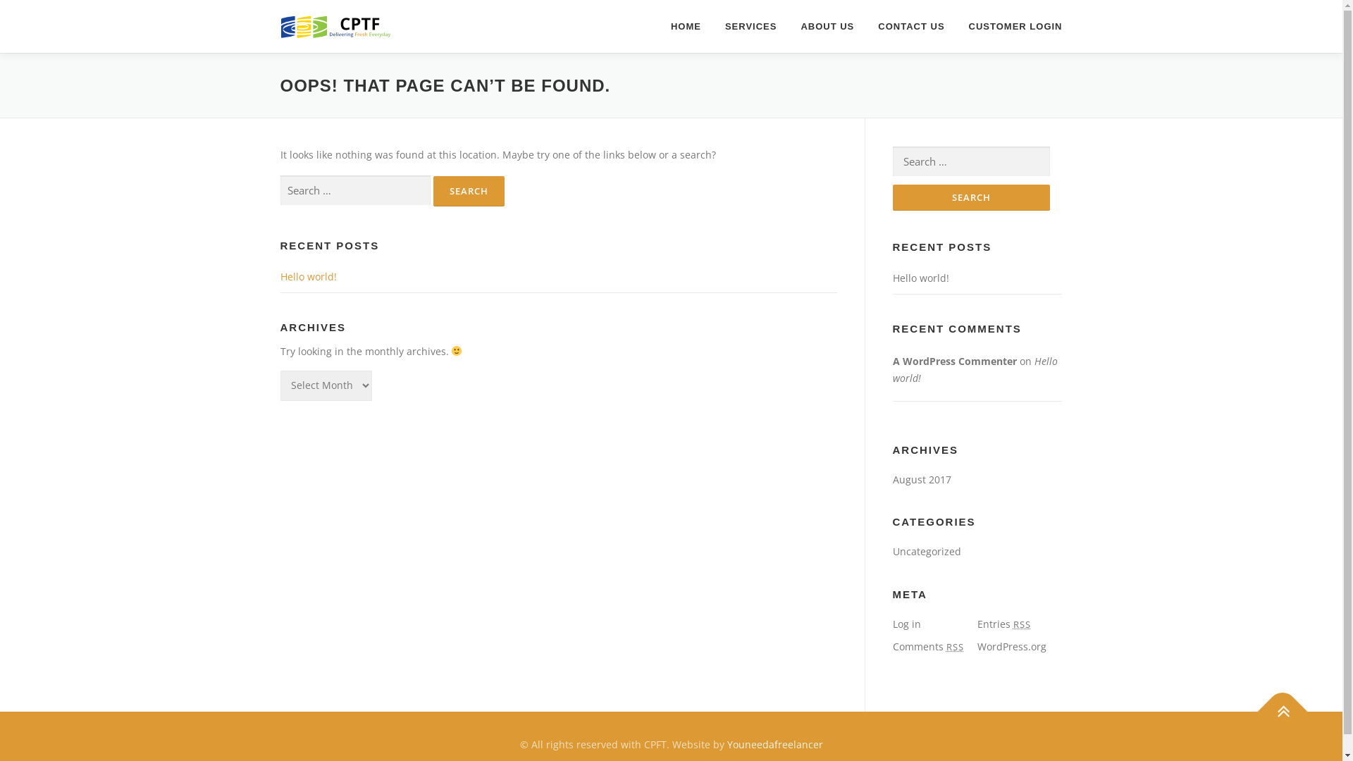 This screenshot has height=761, width=1353. I want to click on 'Back To Top', so click(1275, 704).